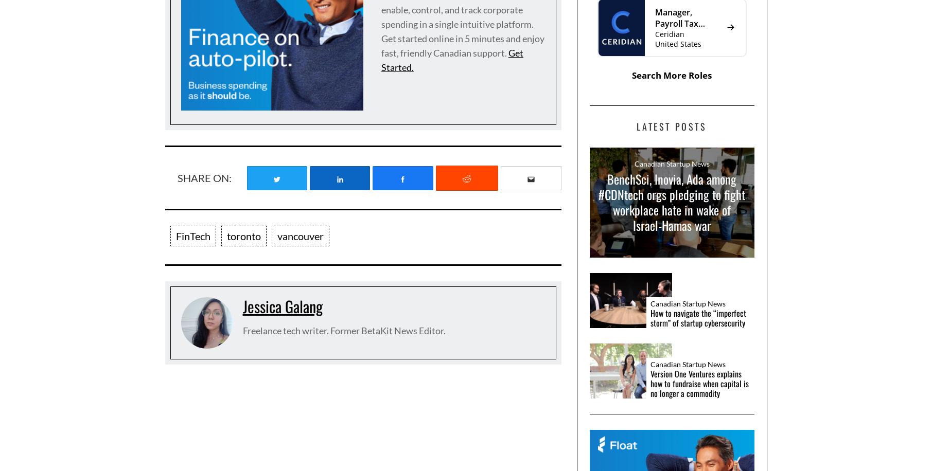  I want to click on 'Share on:', so click(177, 177).